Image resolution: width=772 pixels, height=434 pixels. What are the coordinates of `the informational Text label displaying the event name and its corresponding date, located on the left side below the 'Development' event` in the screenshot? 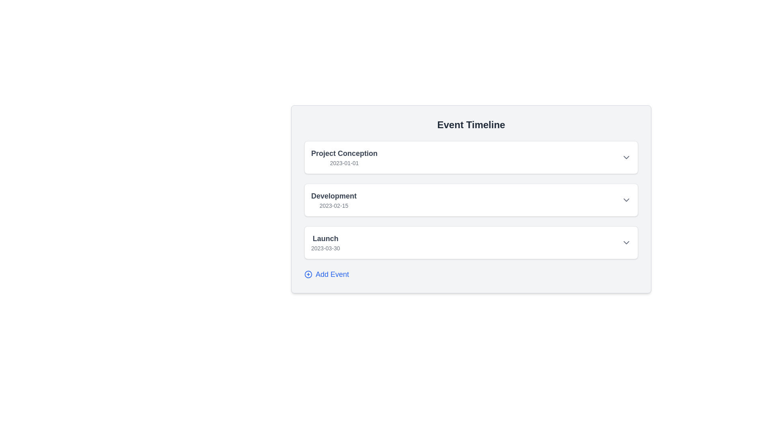 It's located at (325, 242).